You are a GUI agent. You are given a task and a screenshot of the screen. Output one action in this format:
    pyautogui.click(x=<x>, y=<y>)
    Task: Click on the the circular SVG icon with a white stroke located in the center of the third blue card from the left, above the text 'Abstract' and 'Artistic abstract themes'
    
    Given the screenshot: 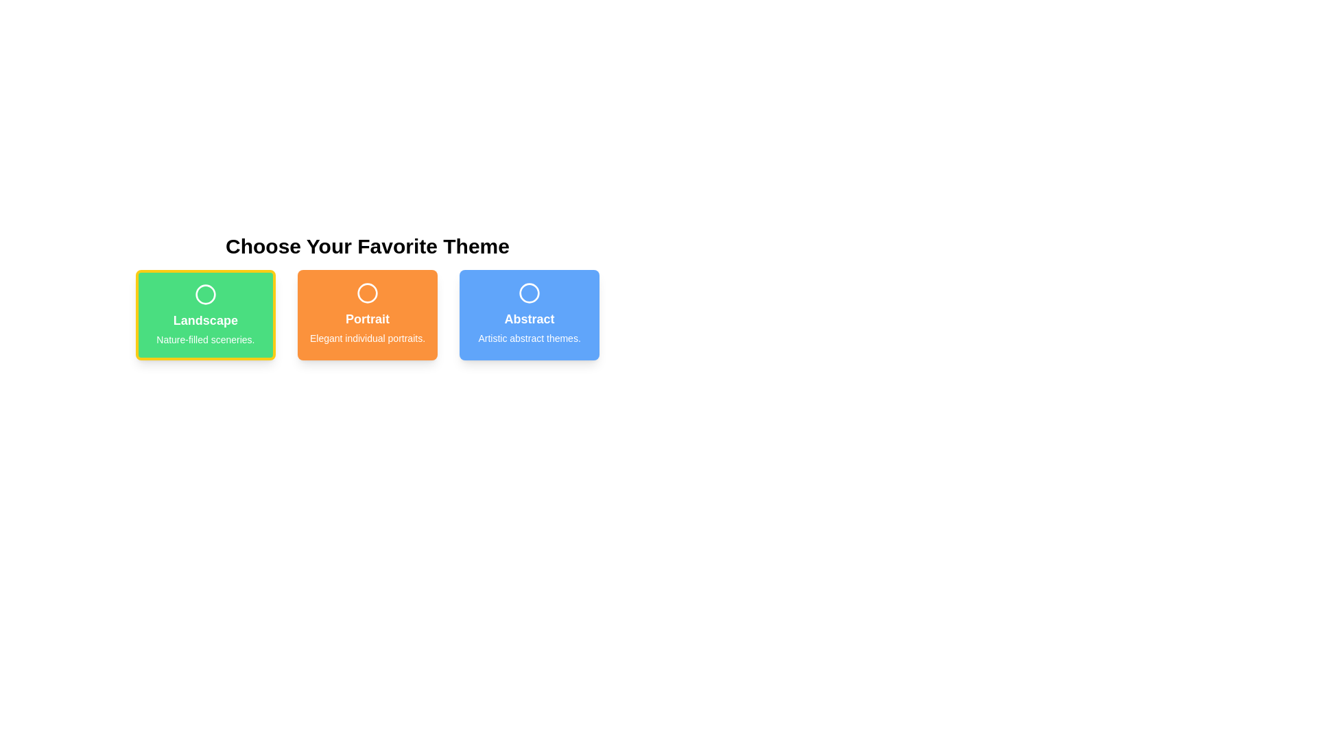 What is the action you would take?
    pyautogui.click(x=529, y=293)
    